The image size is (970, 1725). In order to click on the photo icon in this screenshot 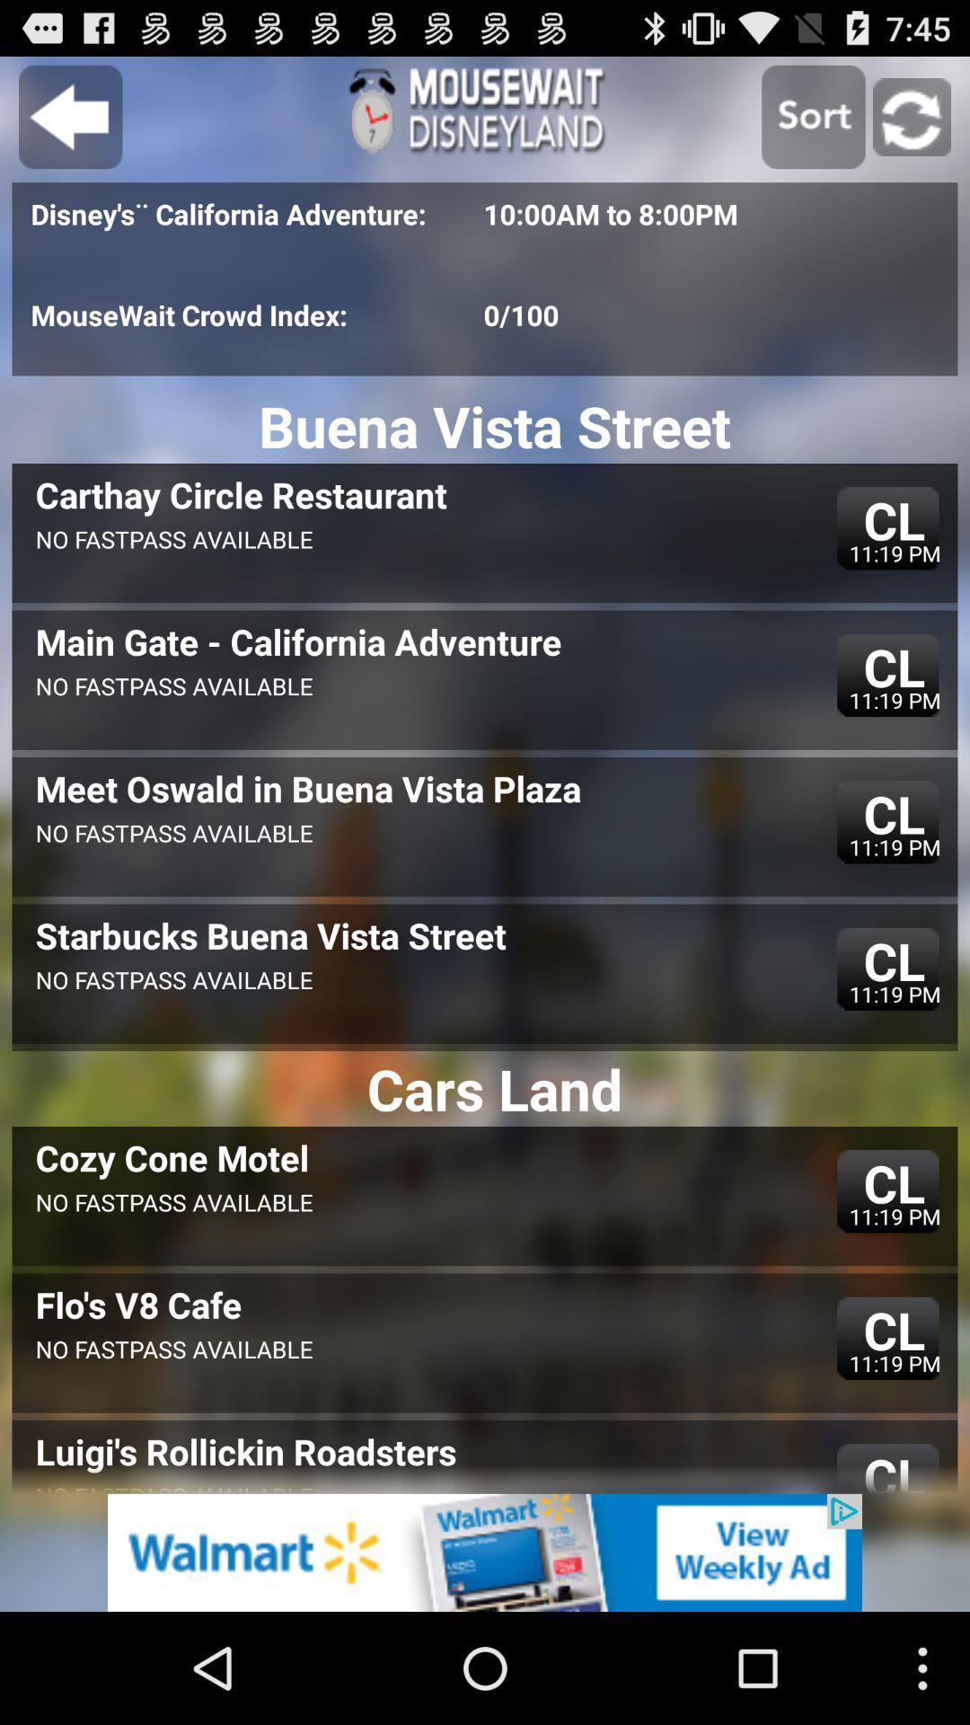, I will do `click(814, 124)`.